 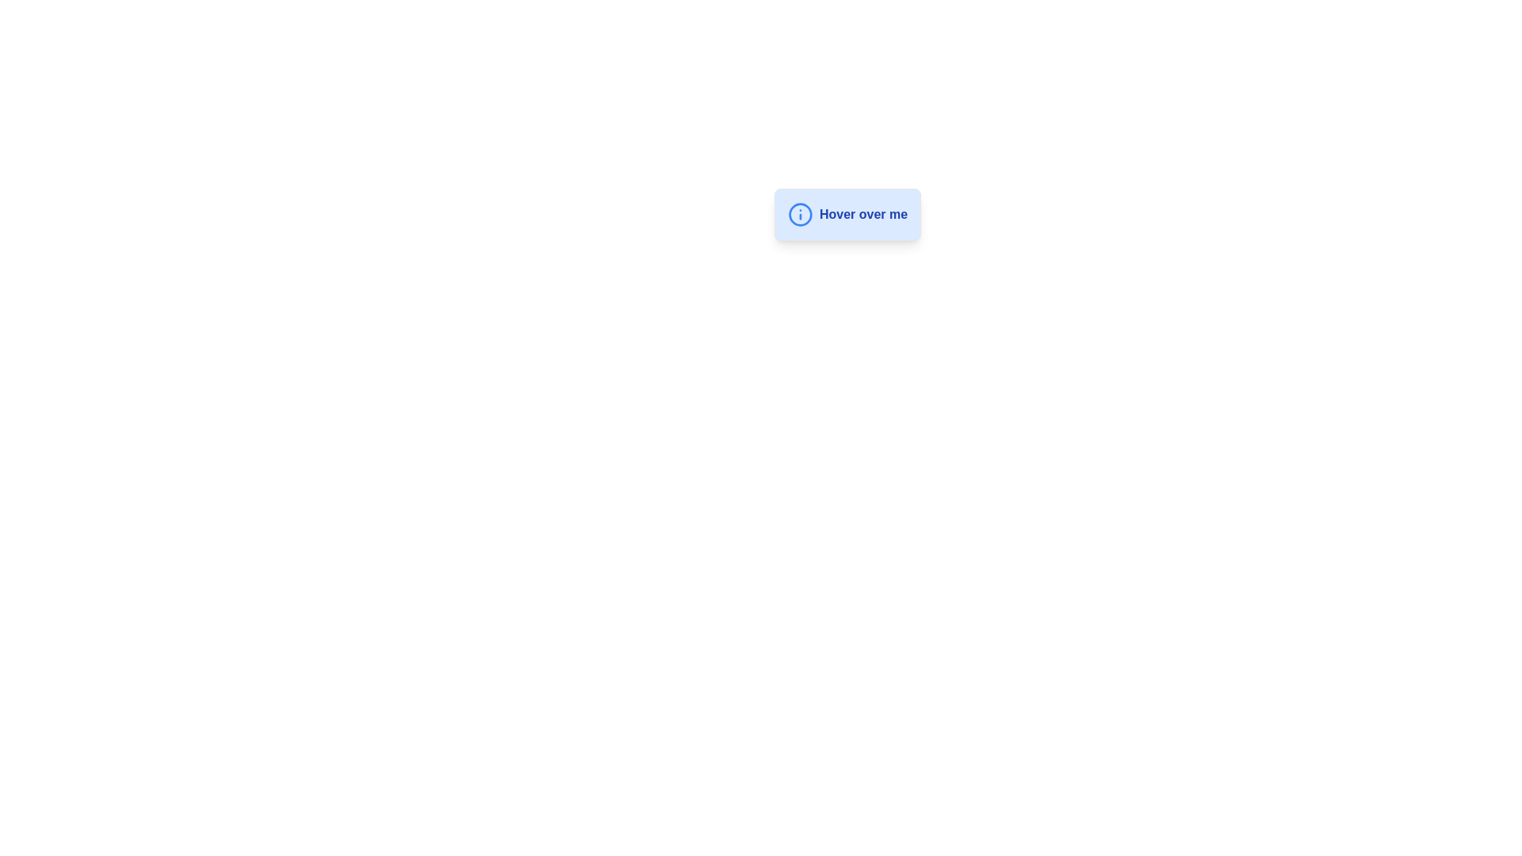 What do you see at coordinates (800, 214) in the screenshot?
I see `the circular SVG circle shape element that is part of the 'info' icon, located inside the button labeled 'Hover over me'` at bounding box center [800, 214].